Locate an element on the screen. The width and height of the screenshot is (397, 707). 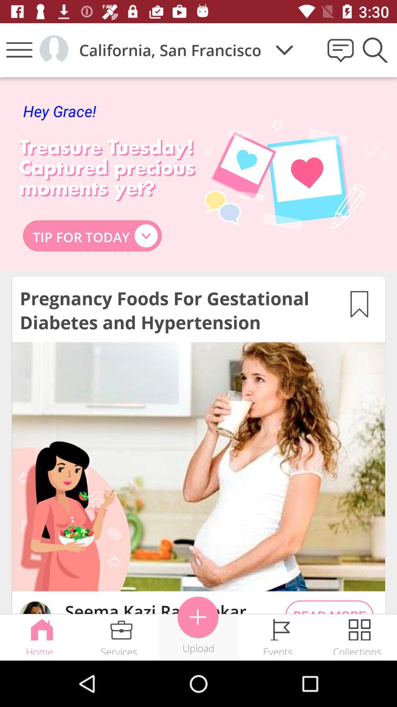
the add icon is located at coordinates (198, 617).